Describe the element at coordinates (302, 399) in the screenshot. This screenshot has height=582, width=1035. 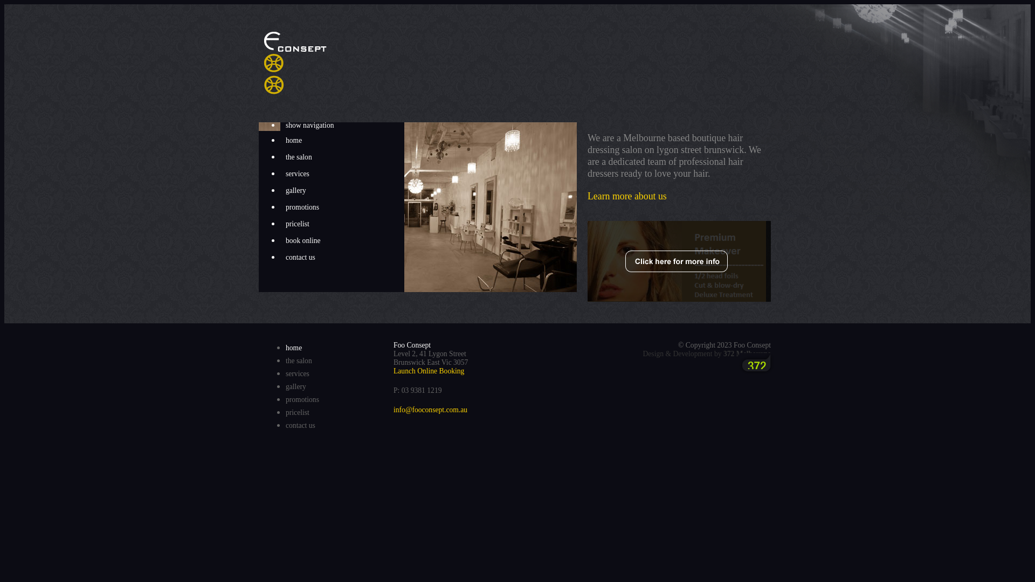
I see `'promotions'` at that location.